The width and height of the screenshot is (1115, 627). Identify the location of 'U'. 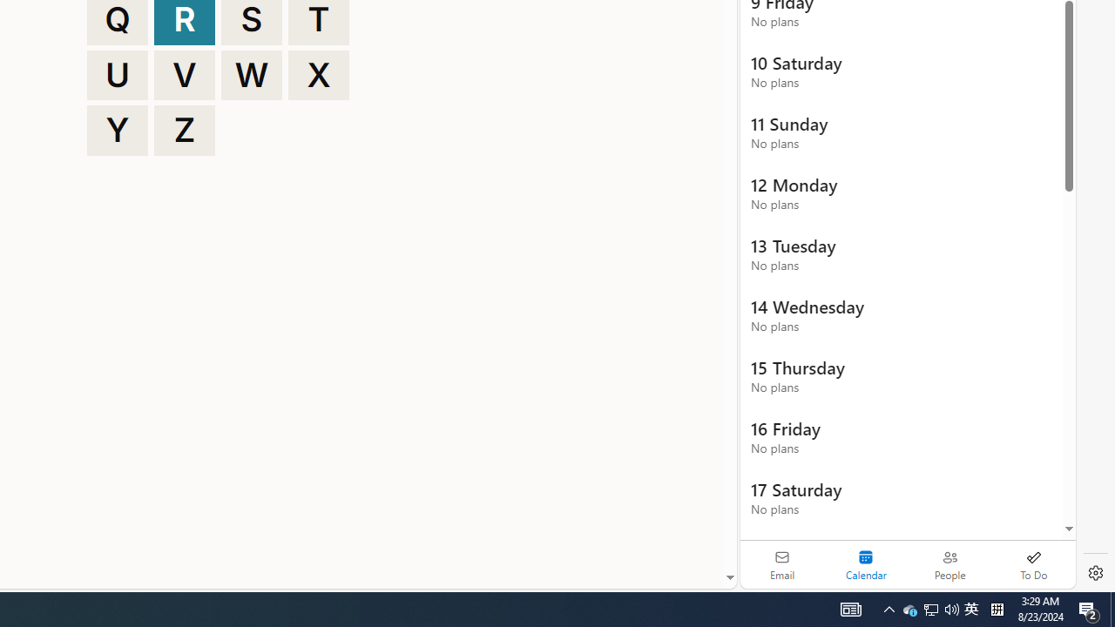
(117, 74).